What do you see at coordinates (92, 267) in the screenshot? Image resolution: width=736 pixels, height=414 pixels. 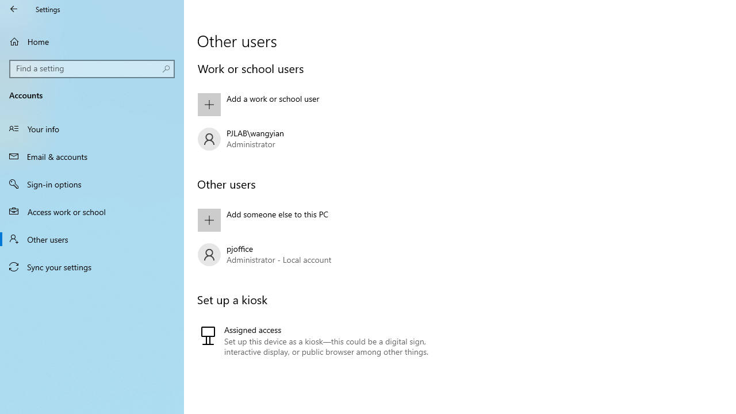 I see `'Sync your settings'` at bounding box center [92, 267].